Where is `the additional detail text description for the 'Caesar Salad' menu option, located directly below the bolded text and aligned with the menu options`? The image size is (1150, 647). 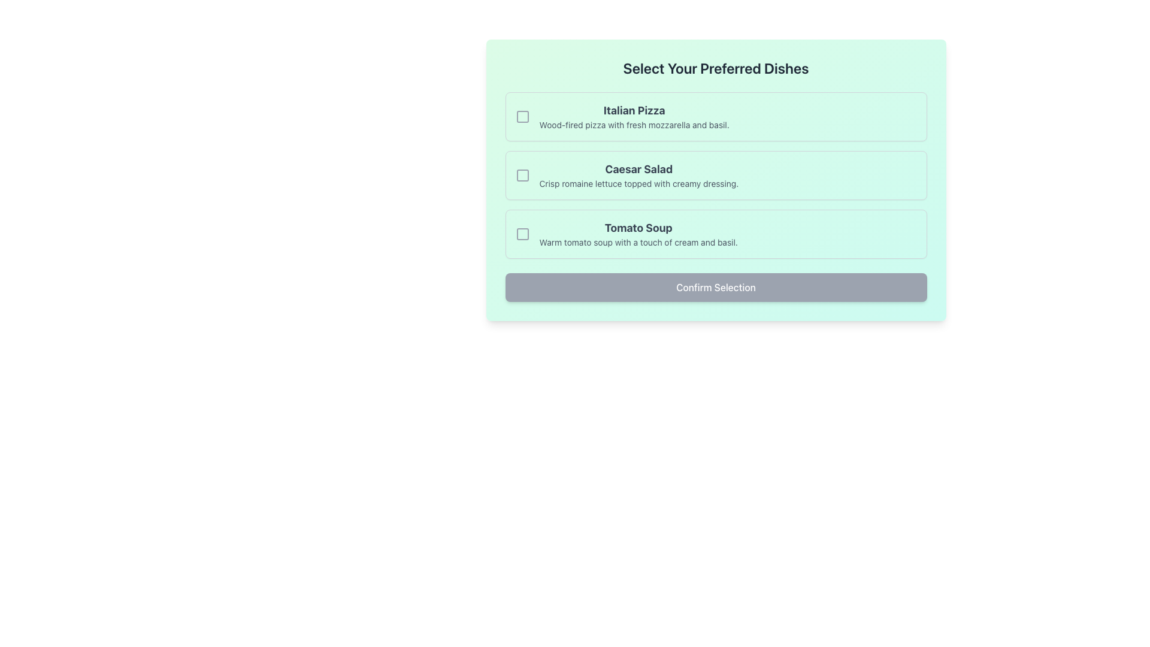 the additional detail text description for the 'Caesar Salad' menu option, located directly below the bolded text and aligned with the menu options is located at coordinates (638, 184).